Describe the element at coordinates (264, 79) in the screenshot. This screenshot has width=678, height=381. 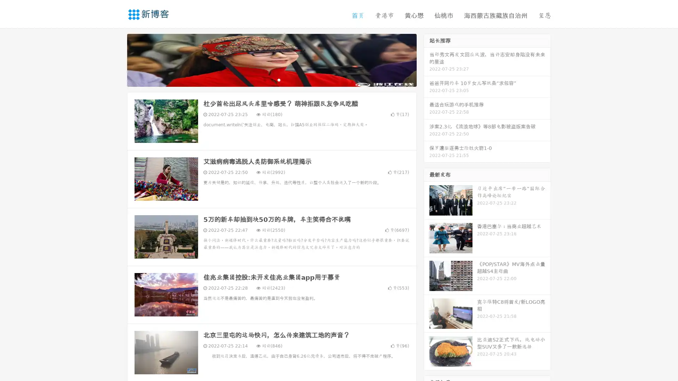
I see `Go to slide 1` at that location.